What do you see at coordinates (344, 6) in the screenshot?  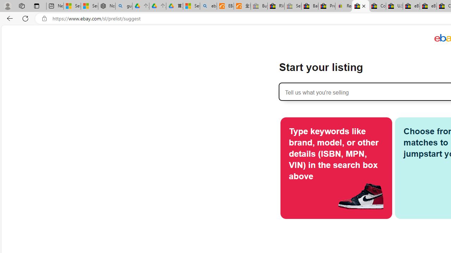 I see `'Register: Create a personal eBay account'` at bounding box center [344, 6].